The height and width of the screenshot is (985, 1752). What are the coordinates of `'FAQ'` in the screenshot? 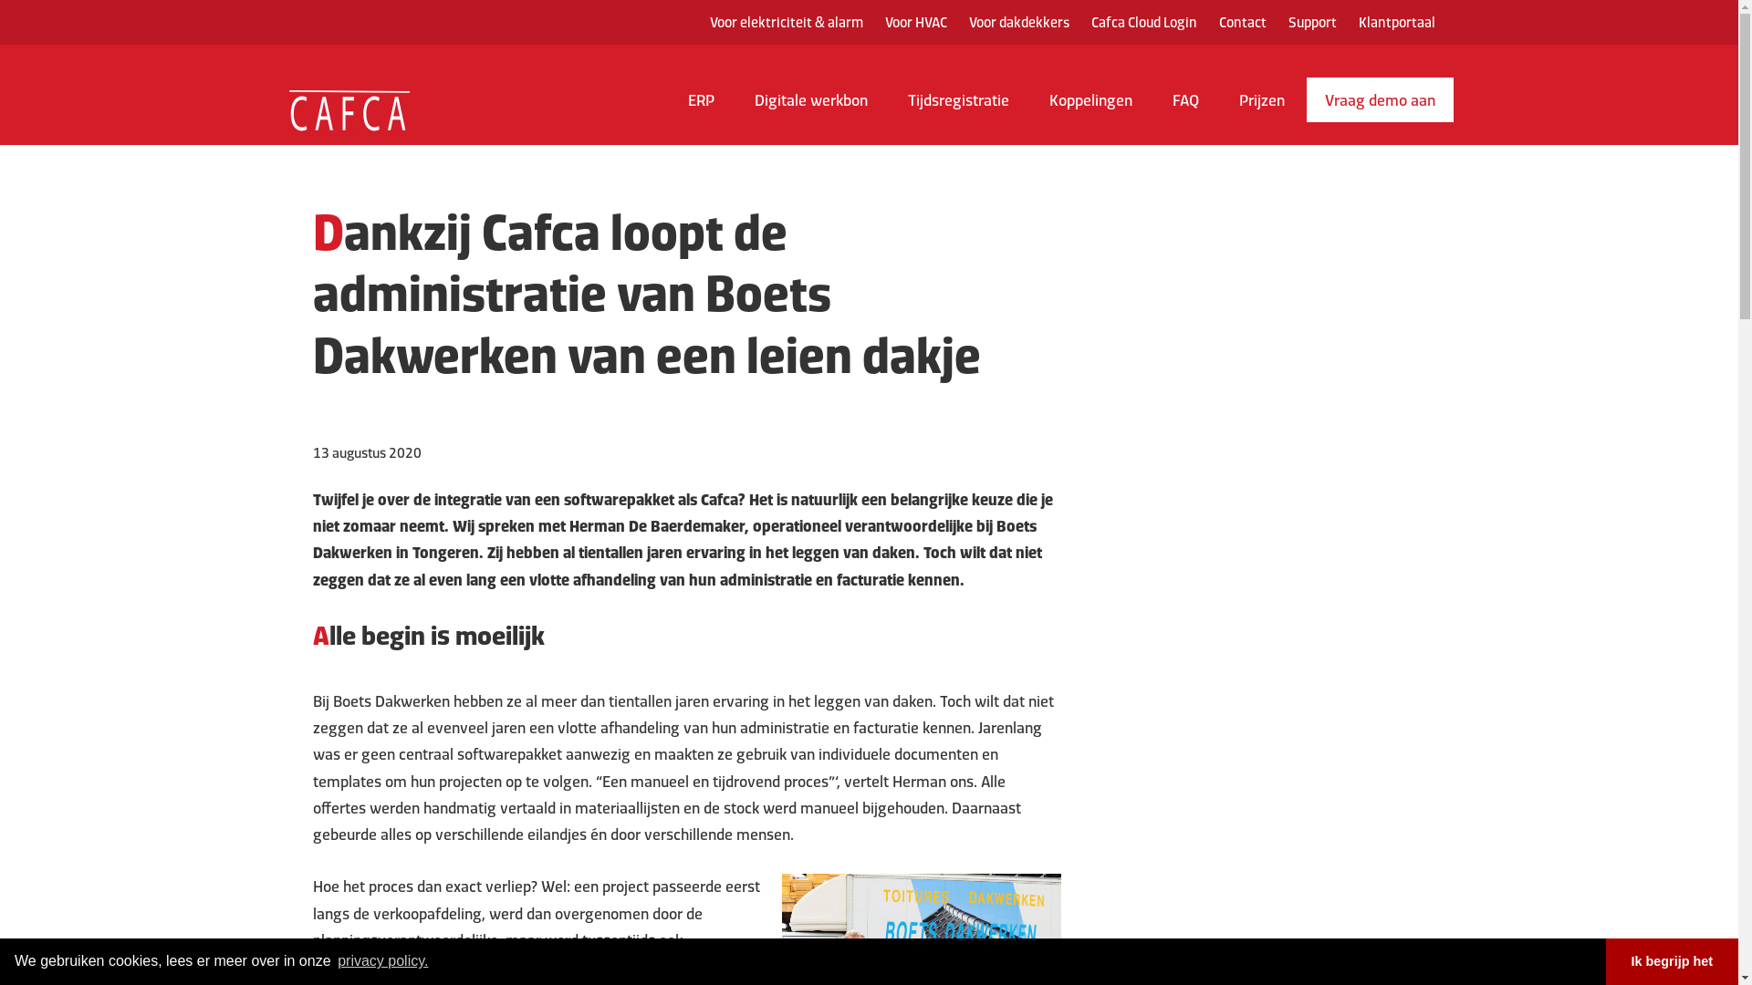 It's located at (1184, 108).